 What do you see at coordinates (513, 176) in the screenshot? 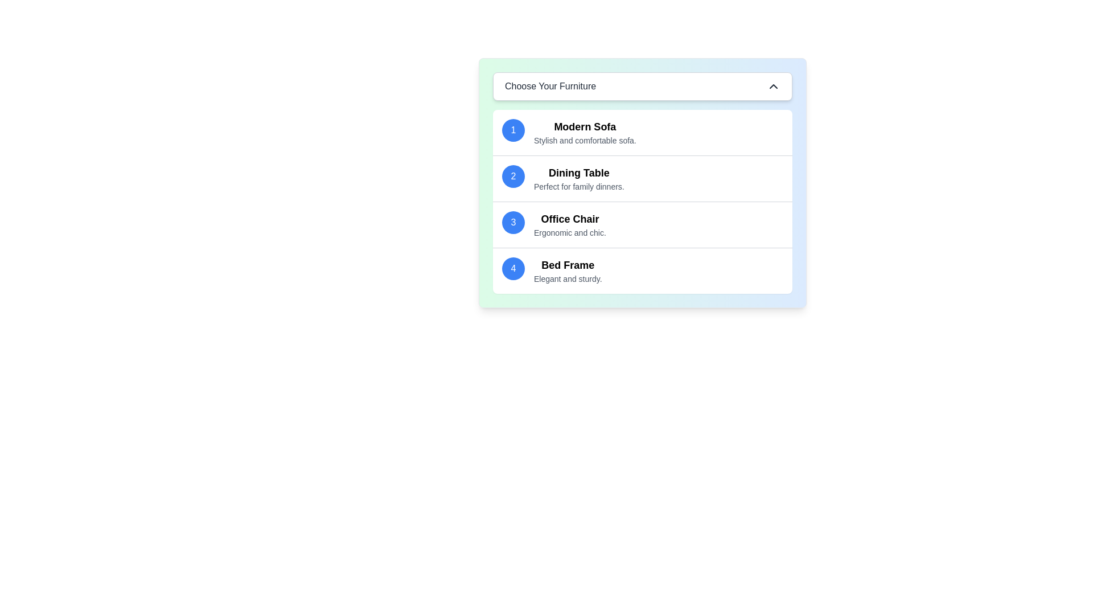
I see `the circular badge with a blue background and the numeral '2' that is positioned to the left of the text 'Dining Table' in the second item of the vertically listed menu` at bounding box center [513, 176].